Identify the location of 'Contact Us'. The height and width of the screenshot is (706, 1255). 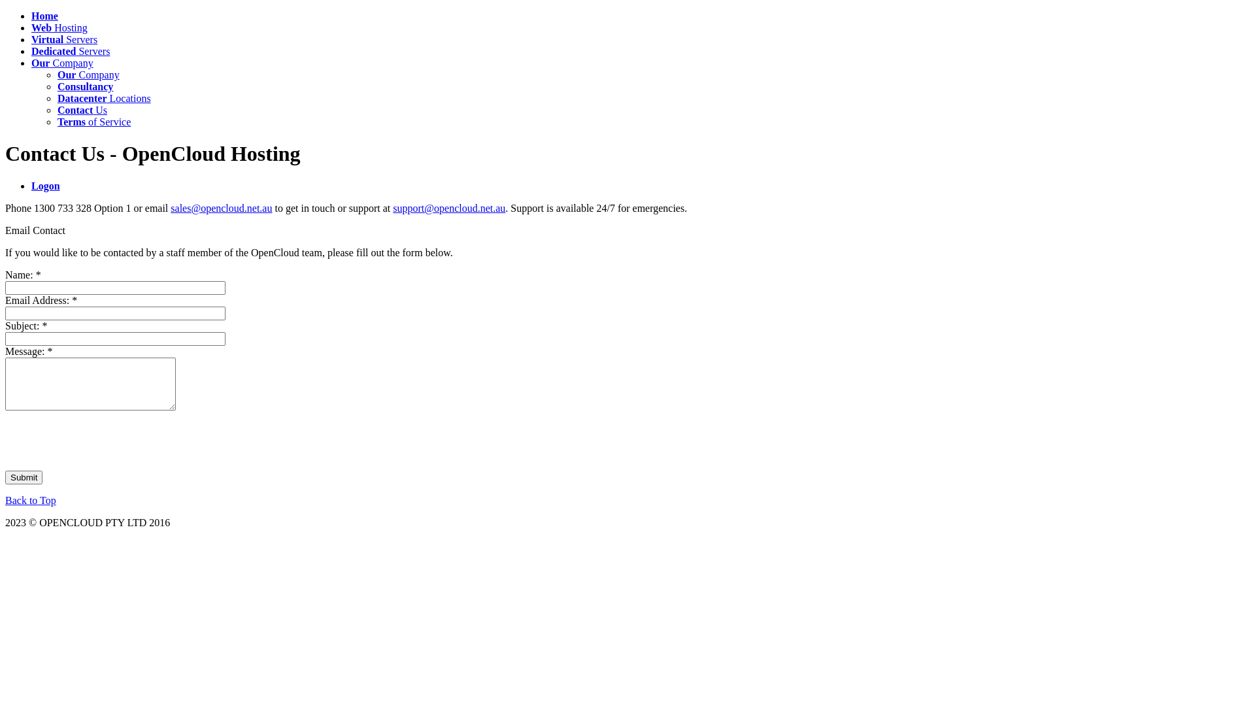
(81, 109).